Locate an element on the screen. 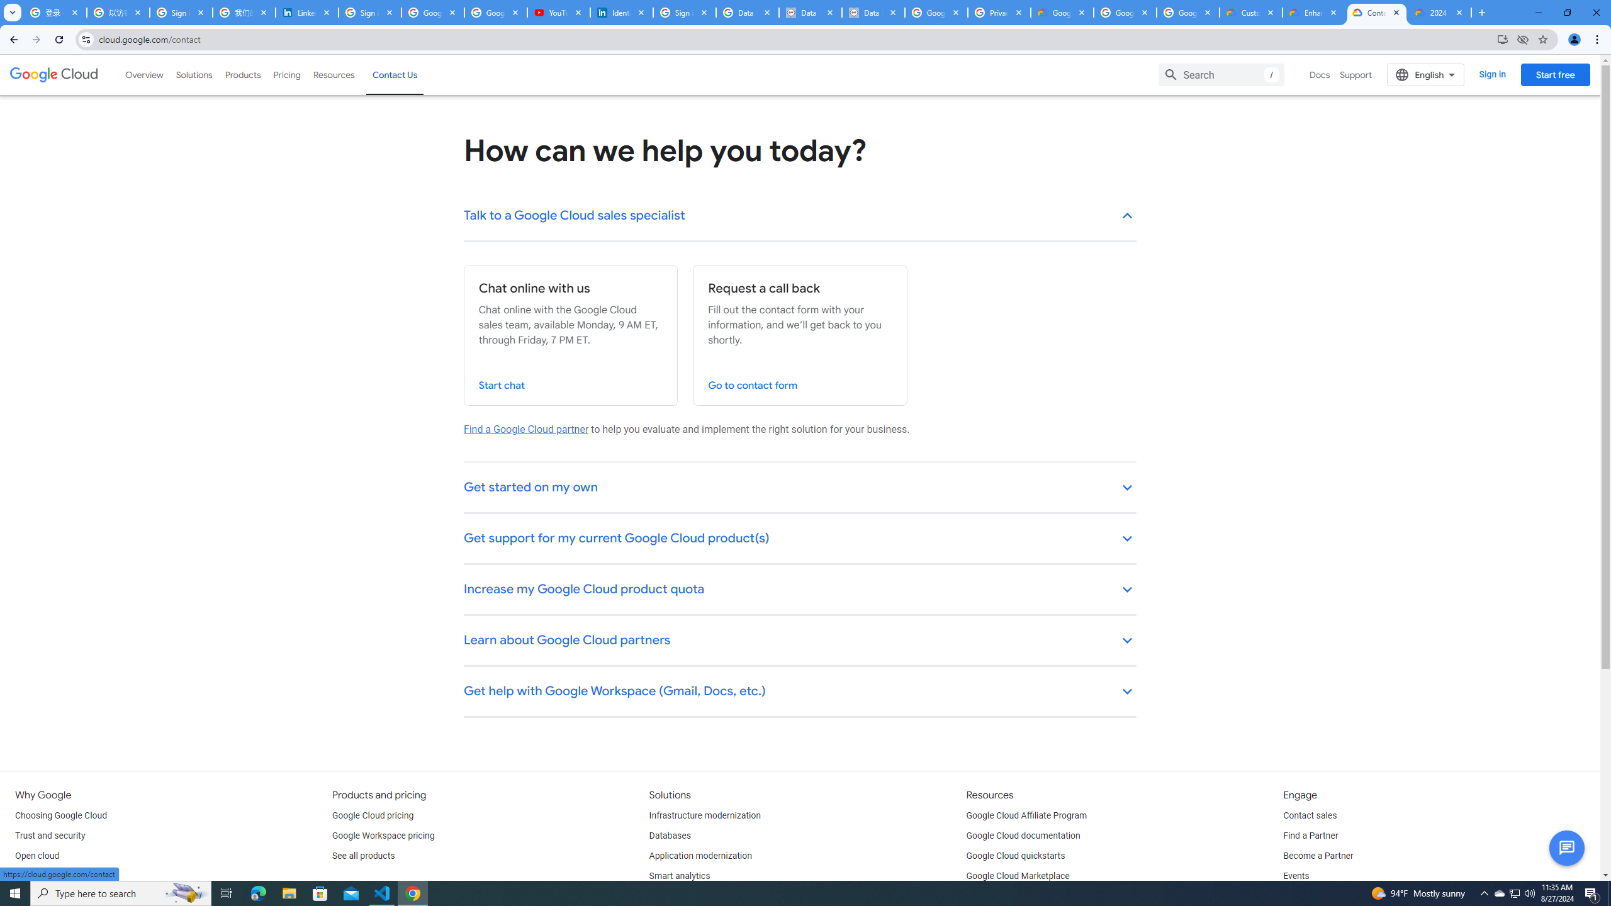 This screenshot has width=1611, height=906. 'Data Privacy Framework' is located at coordinates (810, 12).